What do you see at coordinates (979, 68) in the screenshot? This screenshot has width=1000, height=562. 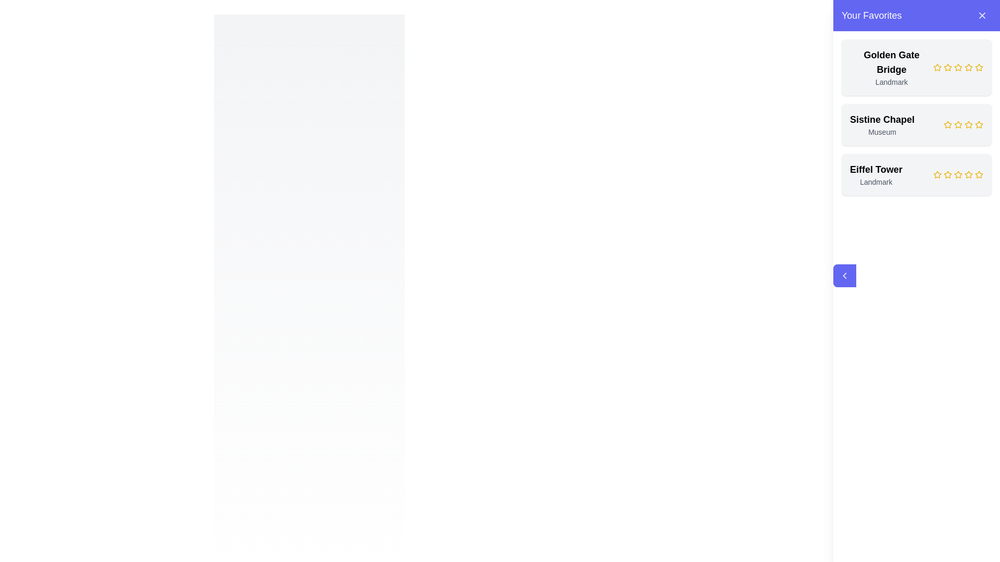 I see `the sixth yellow star-shaped rating icon with a hollow center` at bounding box center [979, 68].